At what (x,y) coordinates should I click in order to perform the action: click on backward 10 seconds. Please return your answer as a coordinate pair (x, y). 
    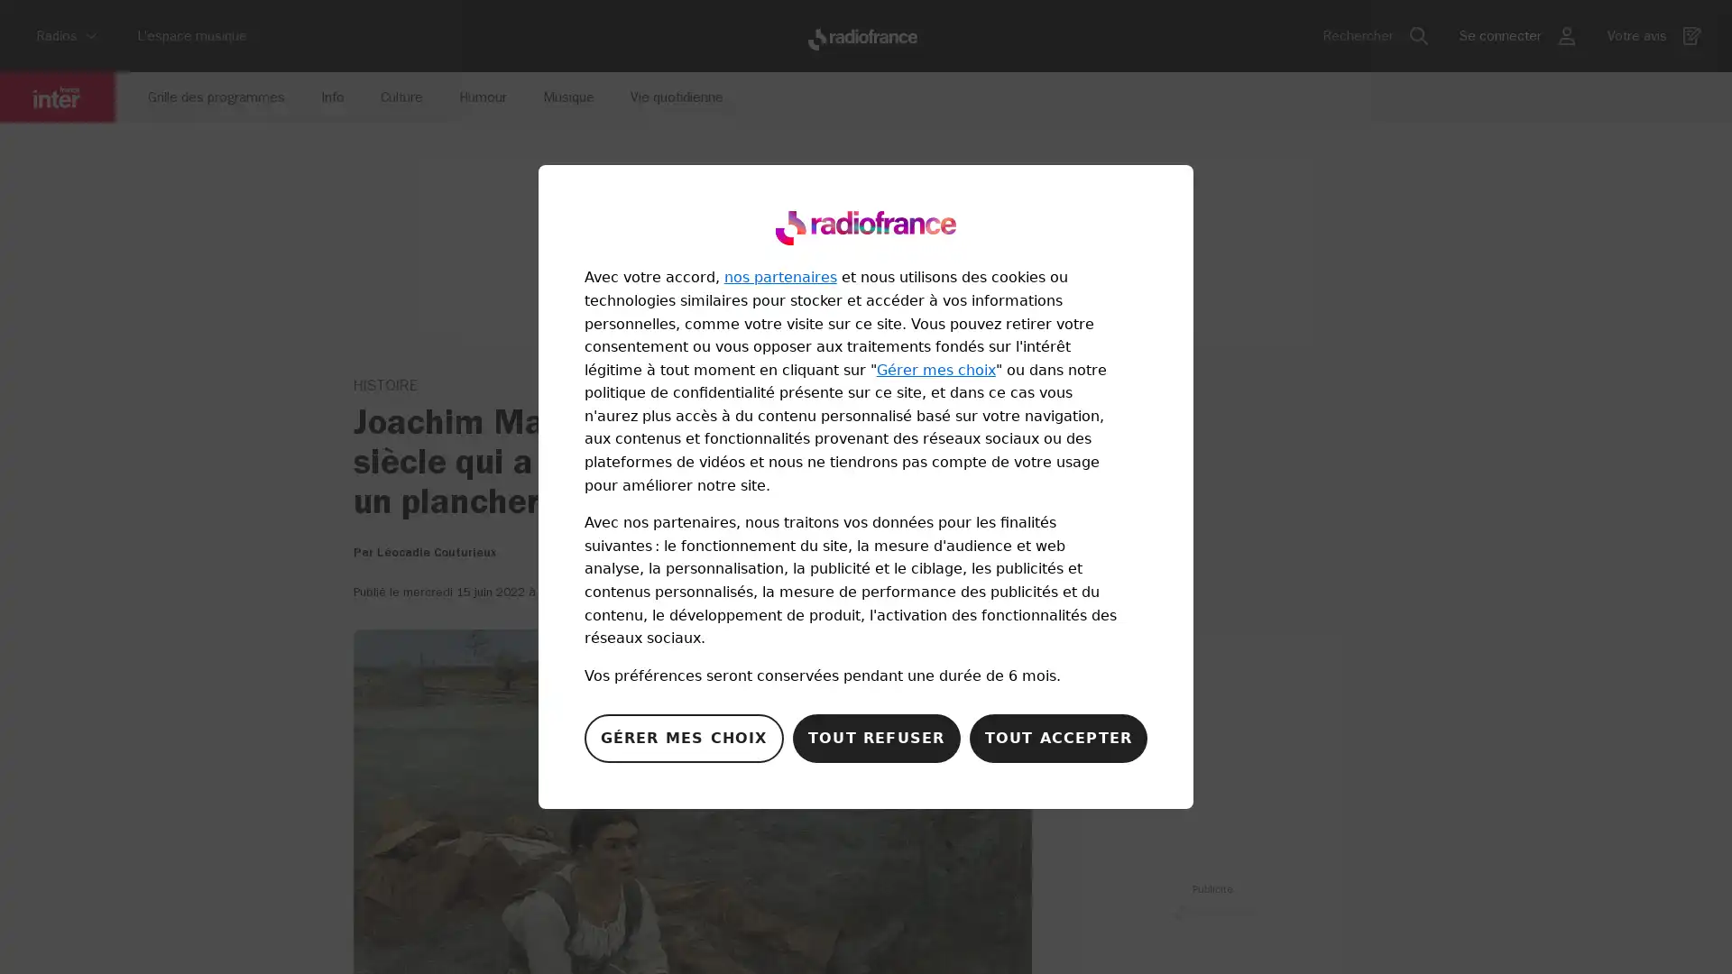
    Looking at the image, I should click on (851, 927).